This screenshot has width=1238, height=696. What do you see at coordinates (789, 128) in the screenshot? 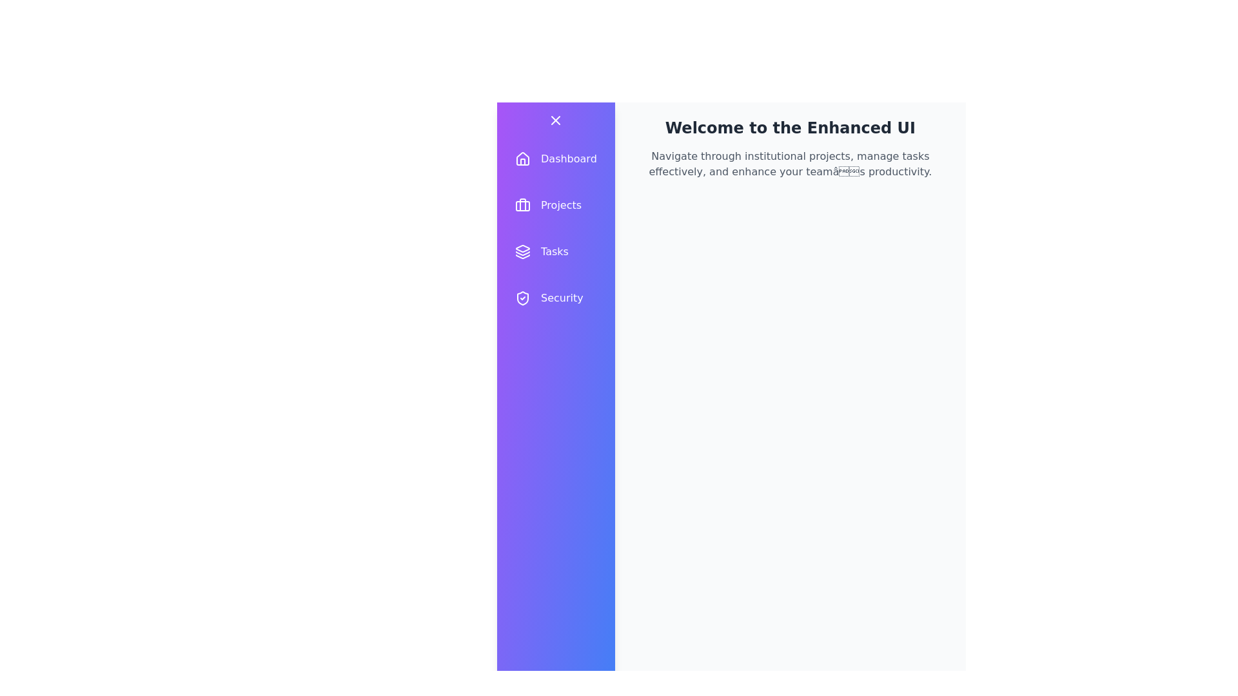
I see `the heading displaying 'Welcome to the Enhanced UI' located at the top-right section of the main content area` at bounding box center [789, 128].